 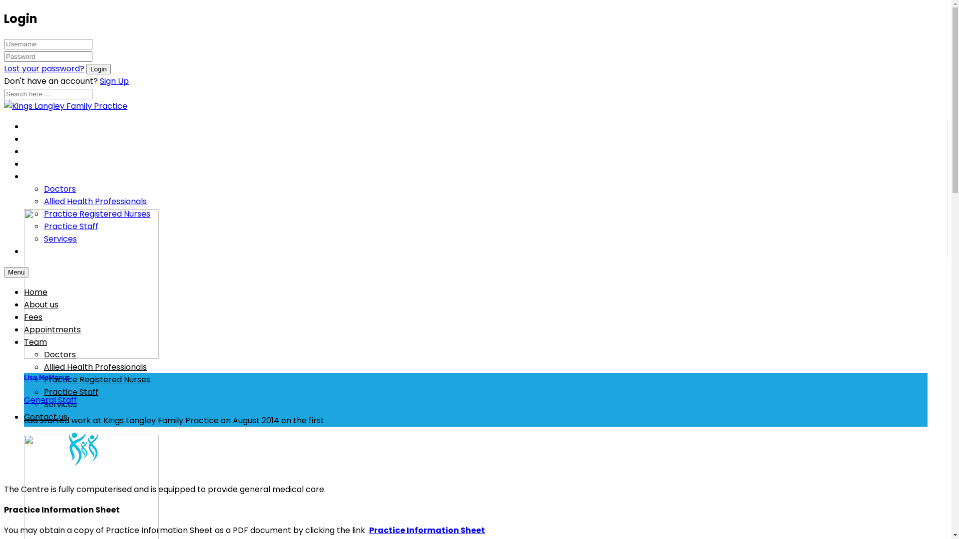 I want to click on 'Kings Langley Family Practice', so click(x=65, y=106).